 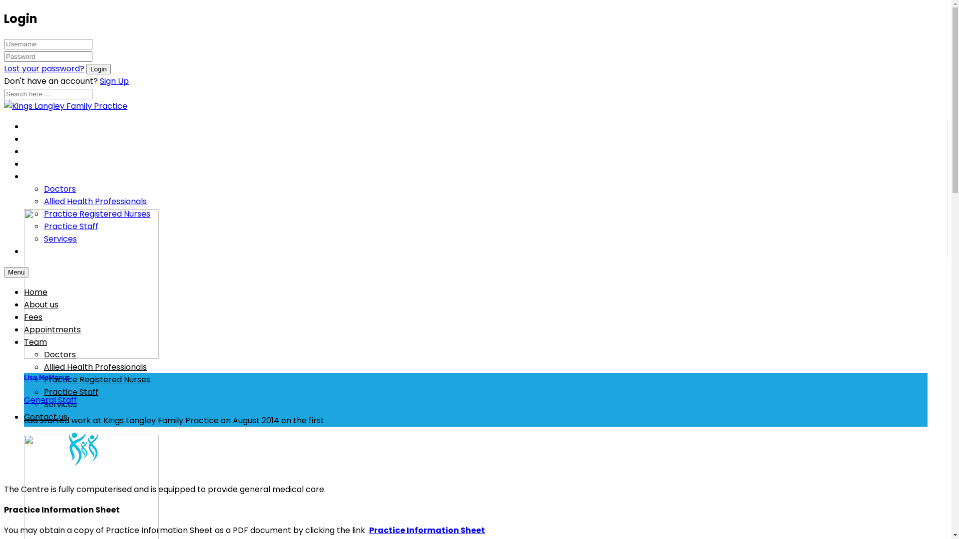 I want to click on 'Kings Langley Family Practice', so click(x=65, y=106).